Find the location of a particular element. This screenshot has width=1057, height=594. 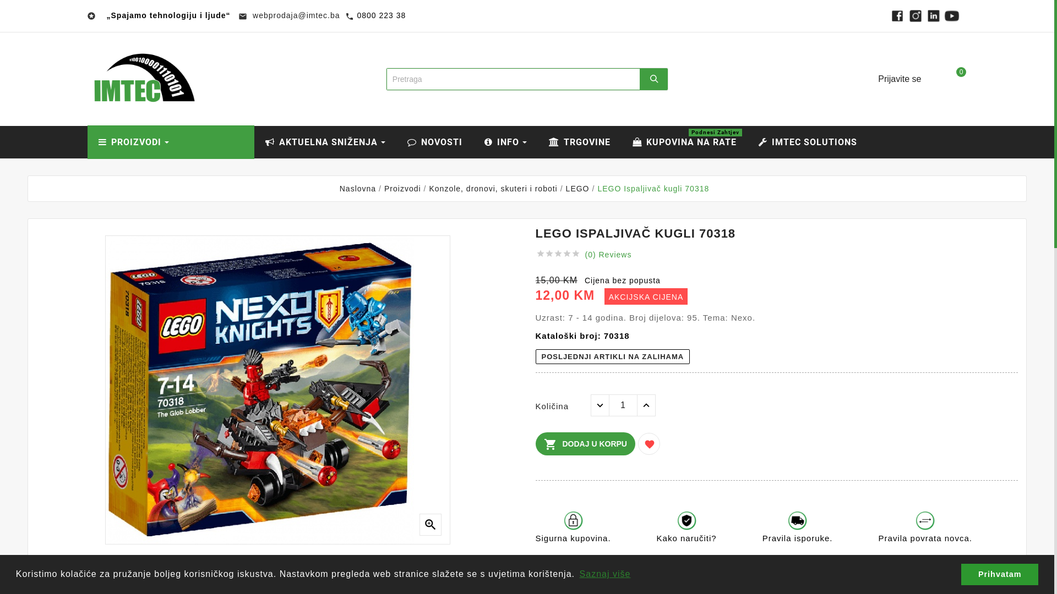

'INFO' is located at coordinates (505, 141).